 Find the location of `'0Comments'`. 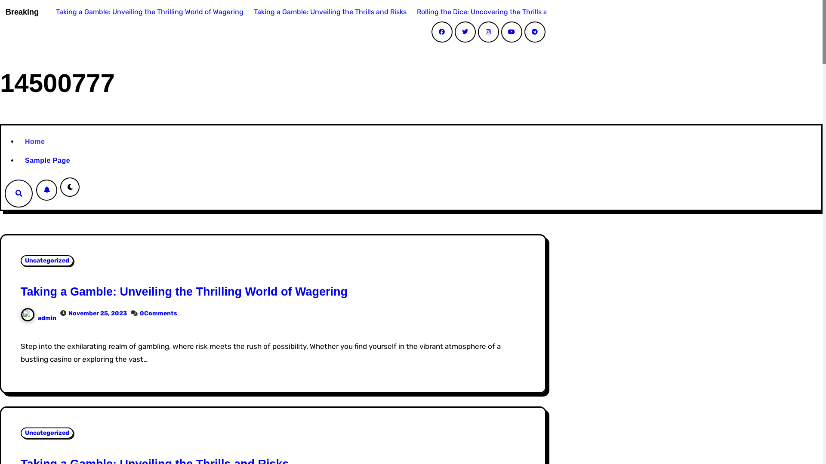

'0Comments' is located at coordinates (158, 313).